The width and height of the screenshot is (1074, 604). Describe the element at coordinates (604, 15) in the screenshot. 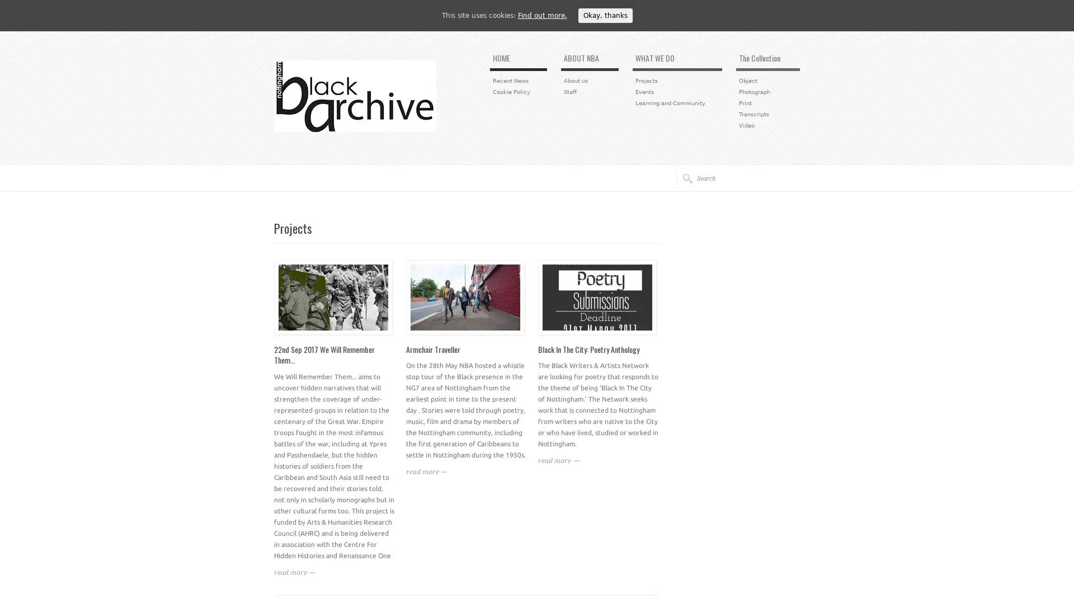

I see `Okay, thanks` at that location.